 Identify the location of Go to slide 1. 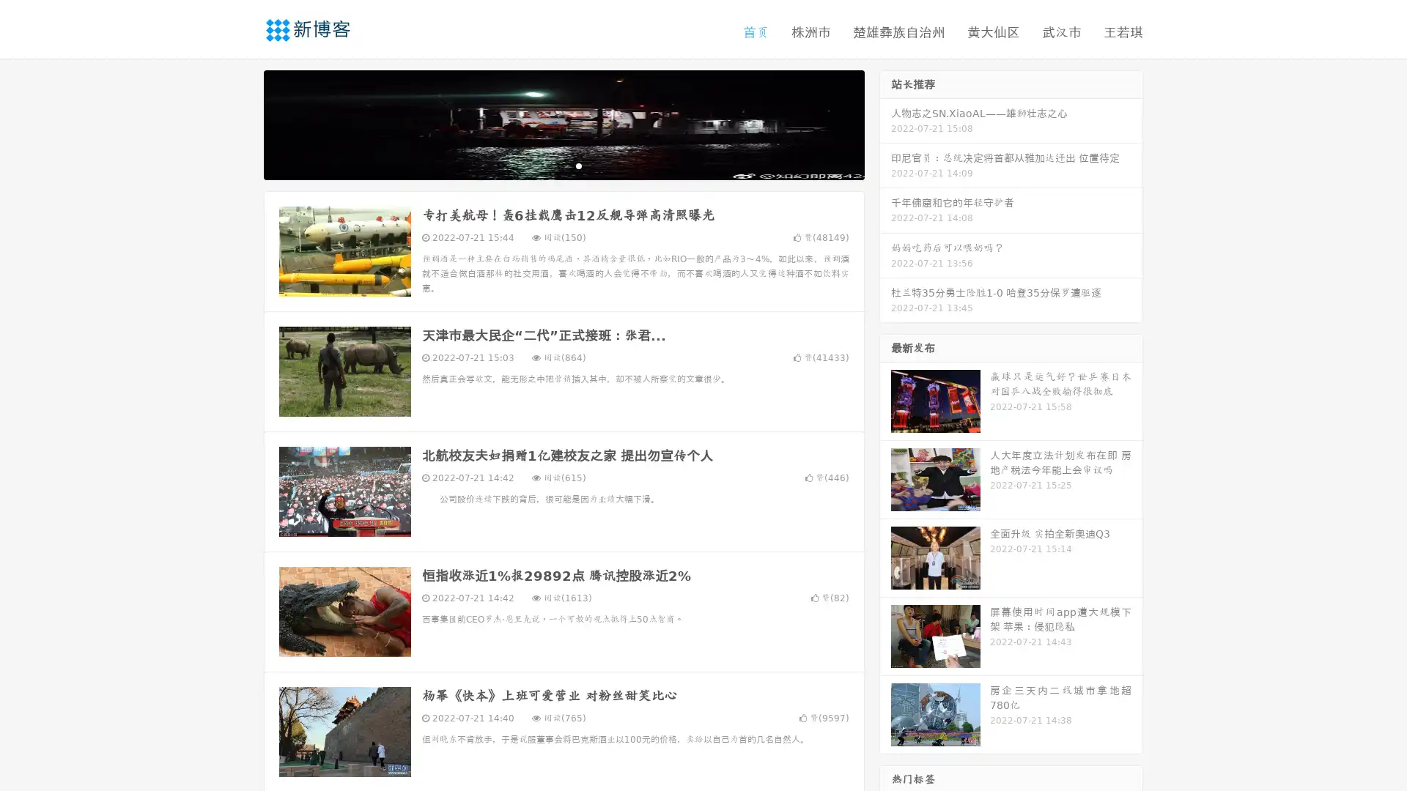
(548, 165).